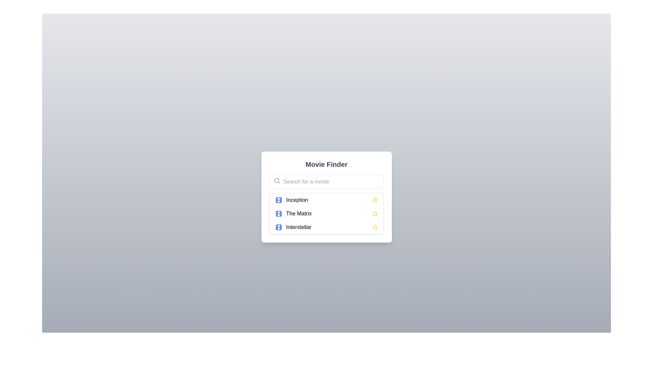 The width and height of the screenshot is (652, 367). I want to click on the movie entry labeled 'Inception', so click(326, 200).